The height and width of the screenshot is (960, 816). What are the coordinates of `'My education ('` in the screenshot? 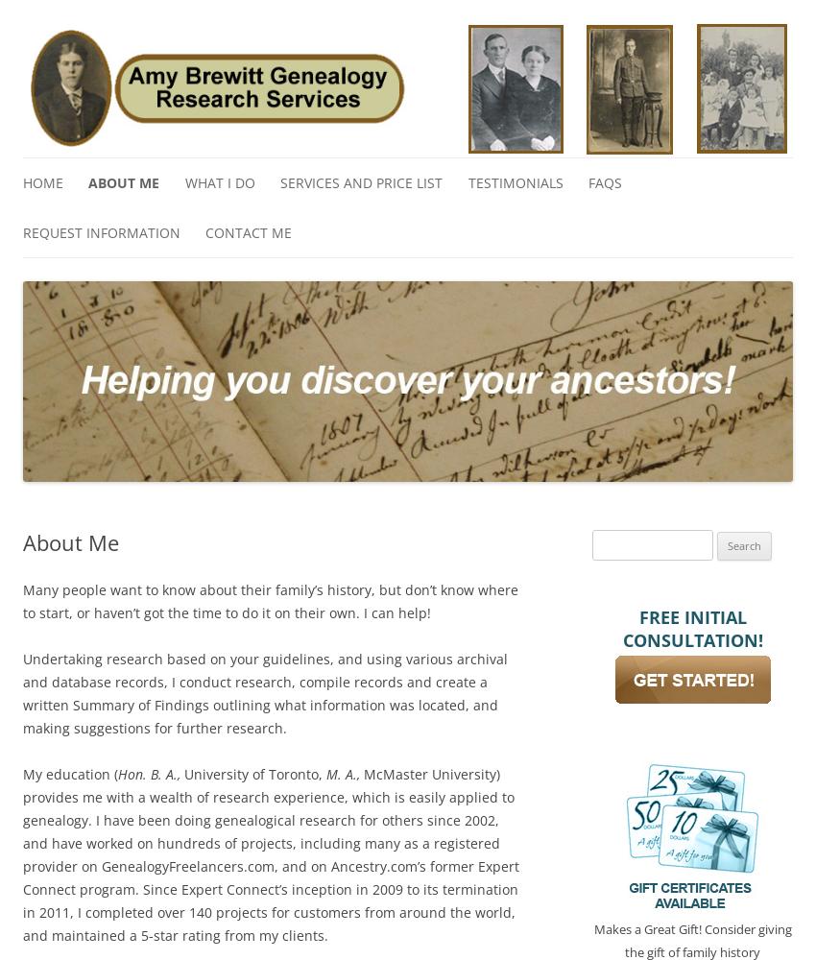 It's located at (70, 773).